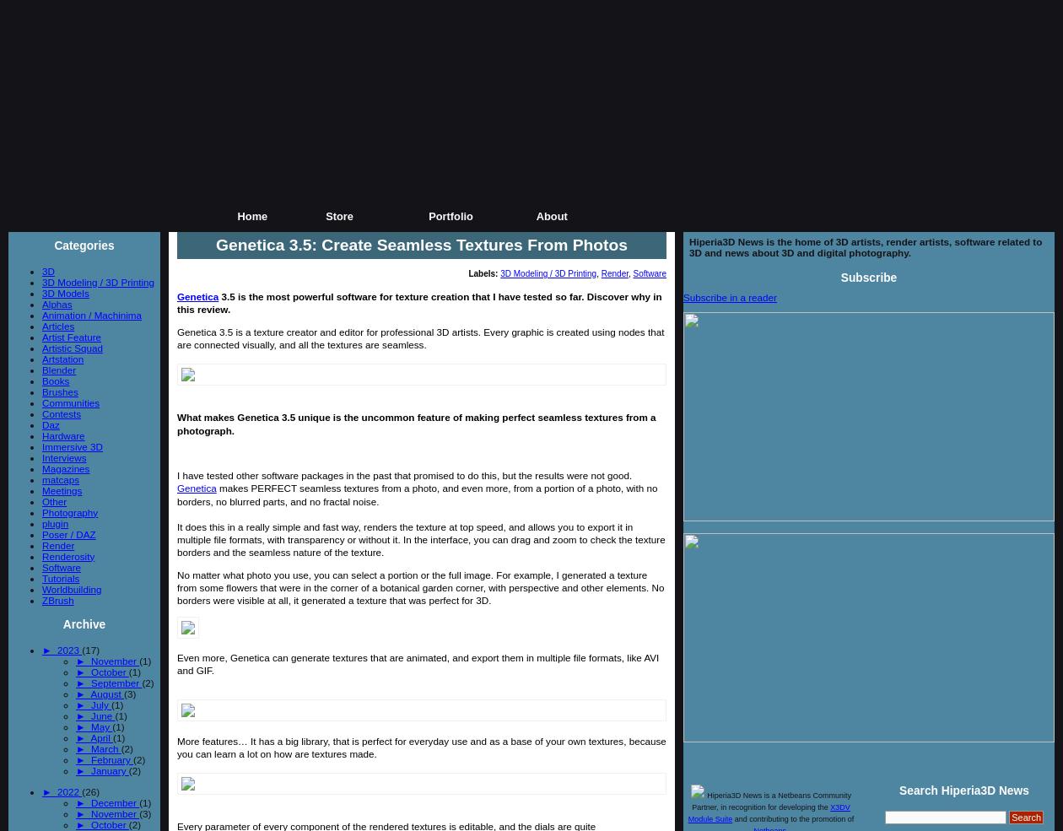 The image size is (1063, 831). What do you see at coordinates (420, 587) in the screenshot?
I see `'No matter what photo you use, you can select a portion or the full image. For example, I generated a texture from some flowers that were in the corner of a botanical garden corner, with perspective and other elements. No borders were visible at all, it generated a texture that was perfect for 3D.'` at bounding box center [420, 587].